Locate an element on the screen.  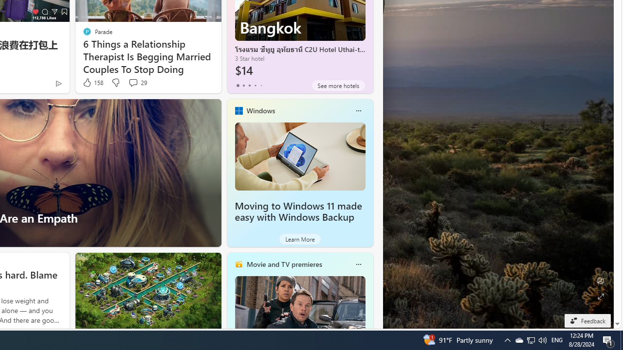
'tab-1' is located at coordinates (243, 85).